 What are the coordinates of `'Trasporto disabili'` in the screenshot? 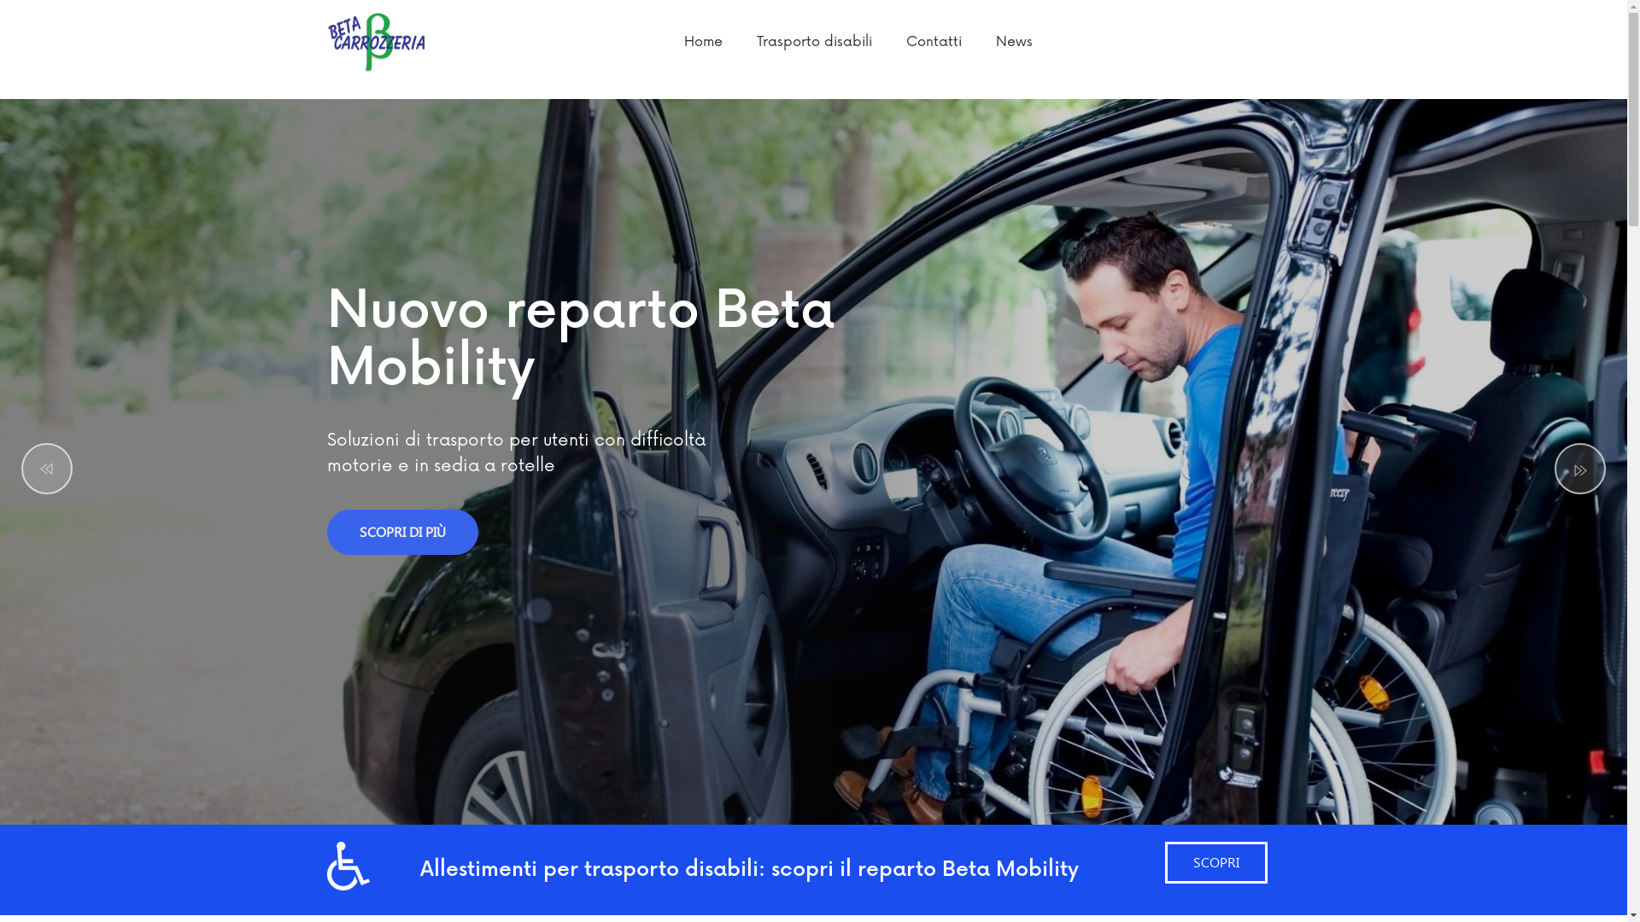 It's located at (739, 41).